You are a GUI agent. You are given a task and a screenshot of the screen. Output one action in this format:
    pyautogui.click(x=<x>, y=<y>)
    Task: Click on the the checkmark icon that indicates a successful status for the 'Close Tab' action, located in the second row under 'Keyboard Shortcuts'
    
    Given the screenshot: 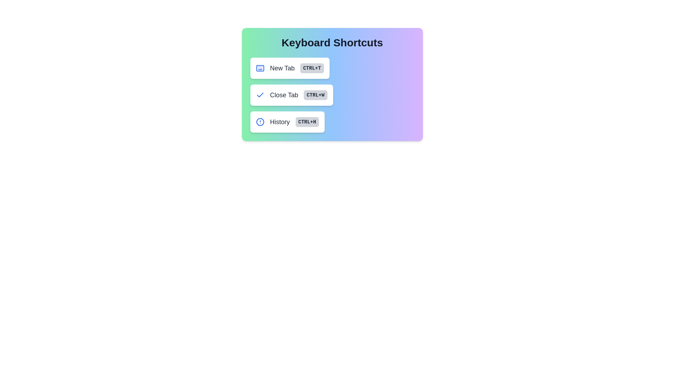 What is the action you would take?
    pyautogui.click(x=260, y=94)
    